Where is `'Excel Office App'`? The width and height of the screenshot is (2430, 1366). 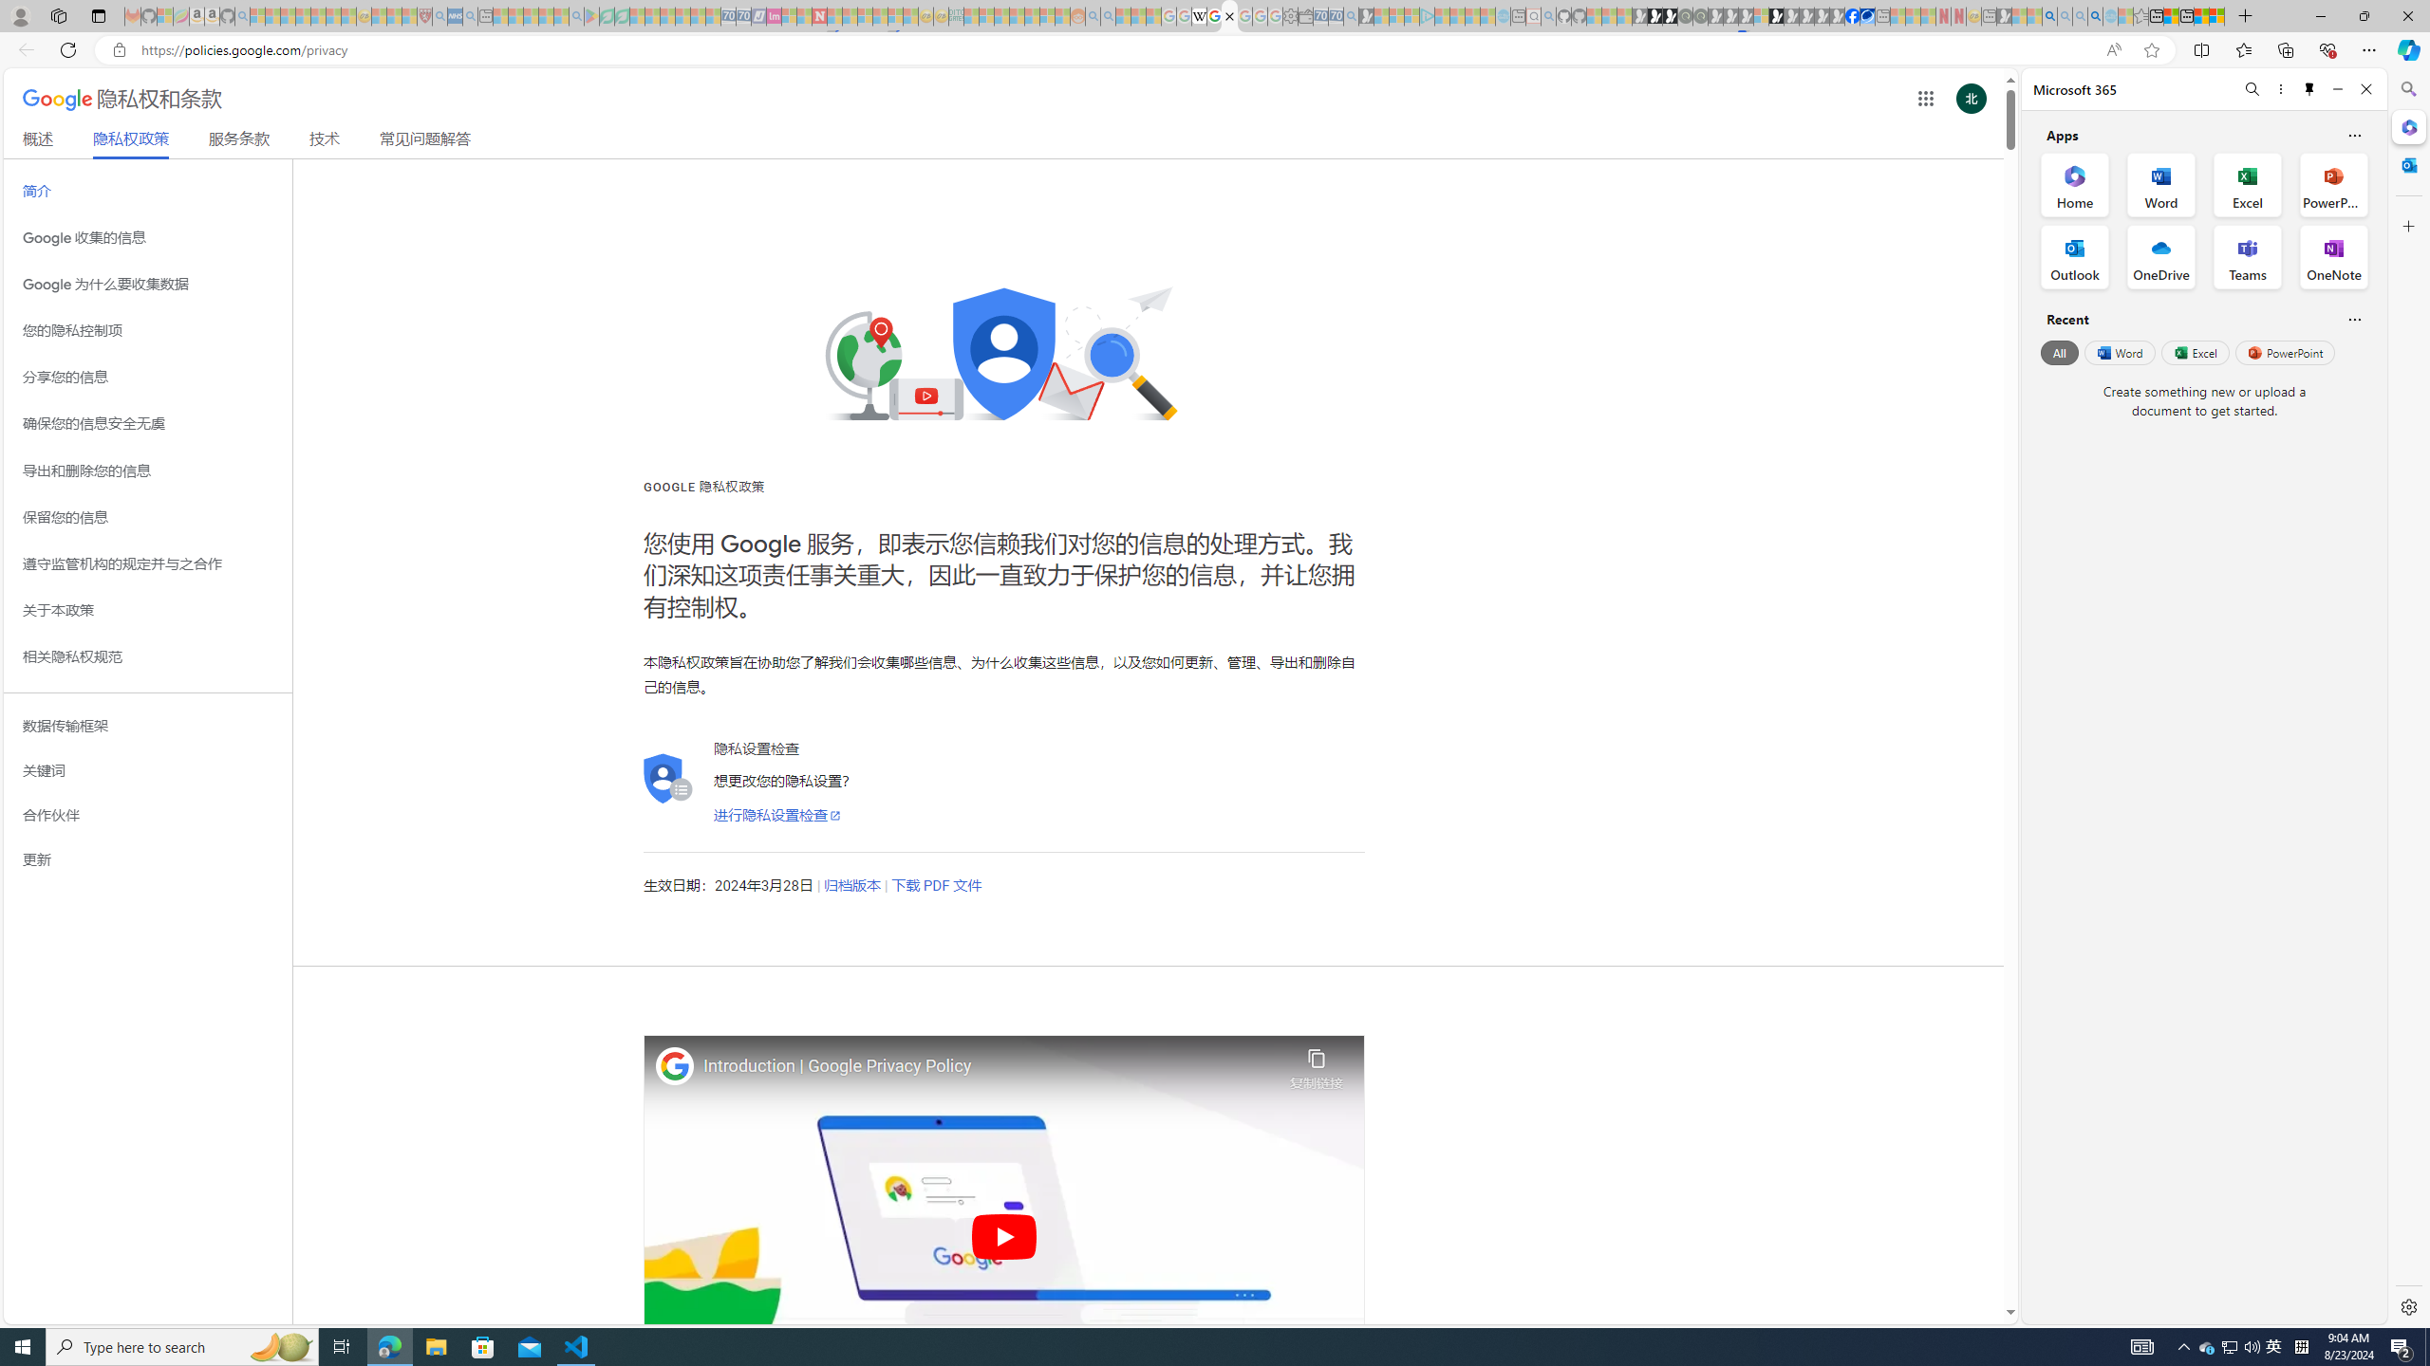 'Excel Office App' is located at coordinates (2248, 185).